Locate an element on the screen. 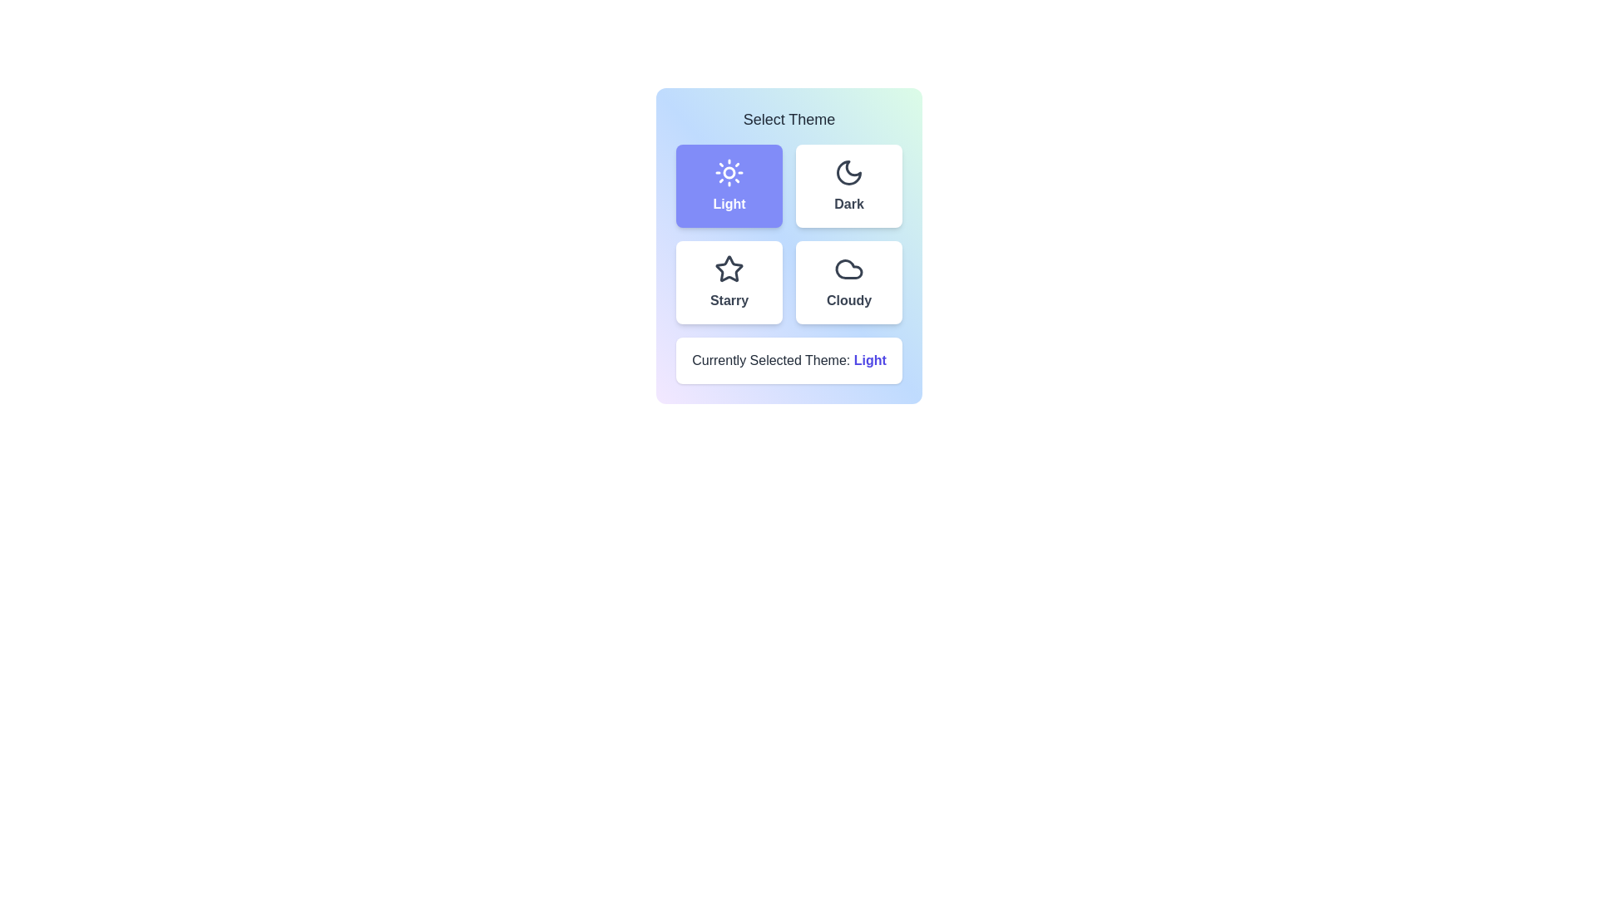 The image size is (1597, 898). the theme button corresponding to Dark is located at coordinates (849, 185).